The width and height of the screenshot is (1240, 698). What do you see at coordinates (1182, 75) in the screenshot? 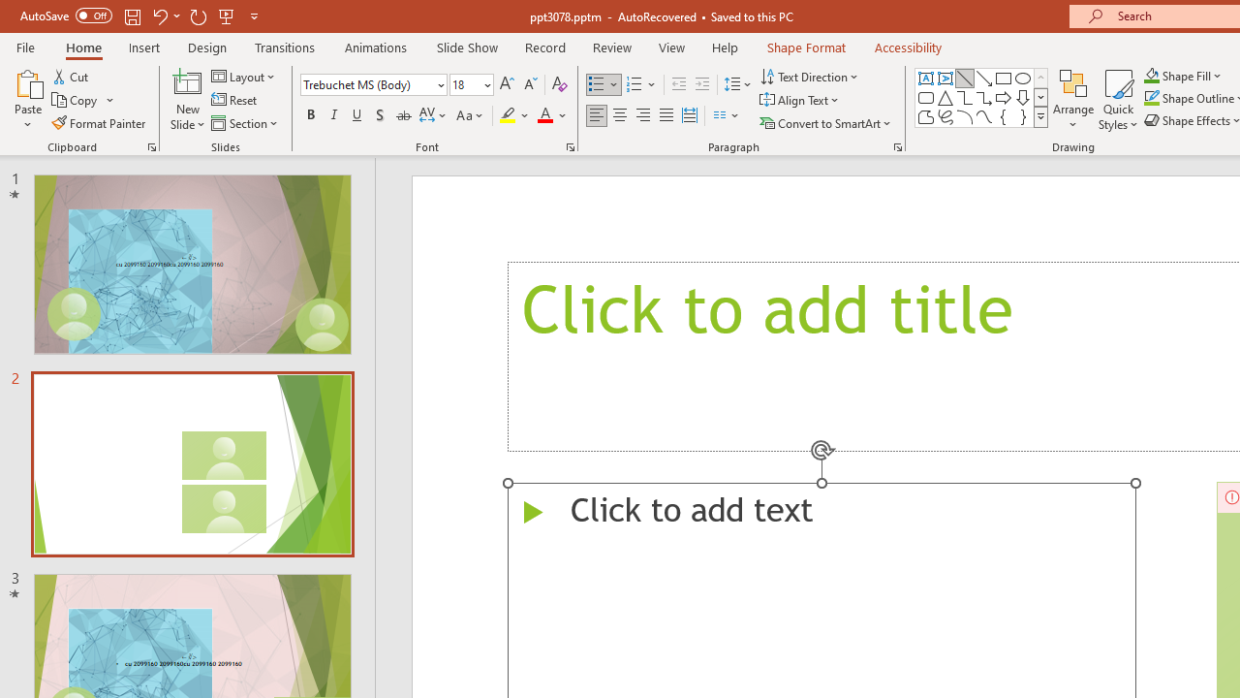
I see `'Shape Fill'` at bounding box center [1182, 75].